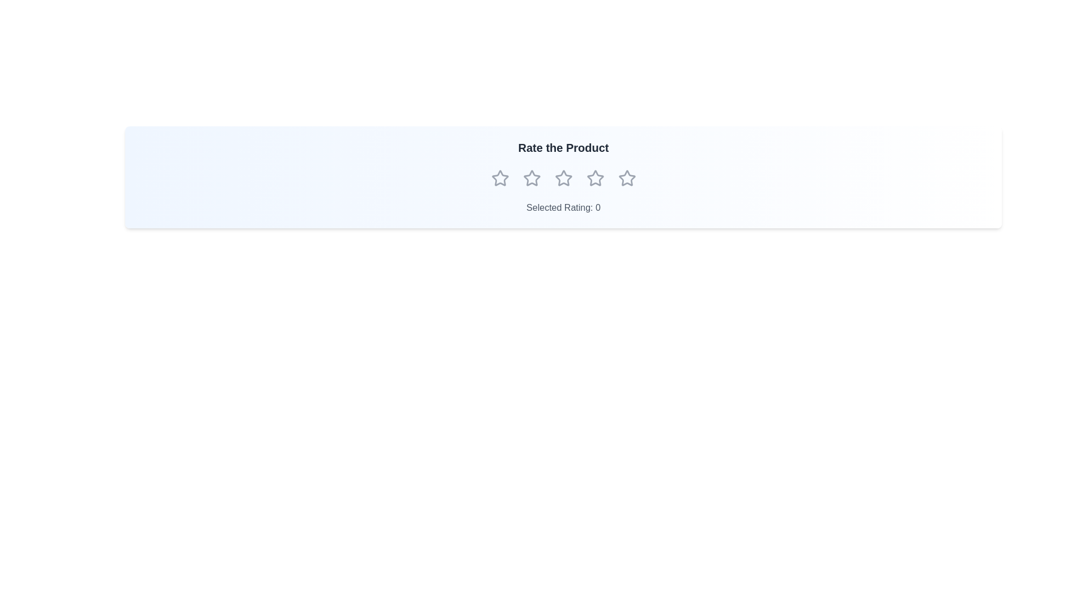  I want to click on the star-shaped icon on the far right of the rating system to assign a rating, so click(626, 178).